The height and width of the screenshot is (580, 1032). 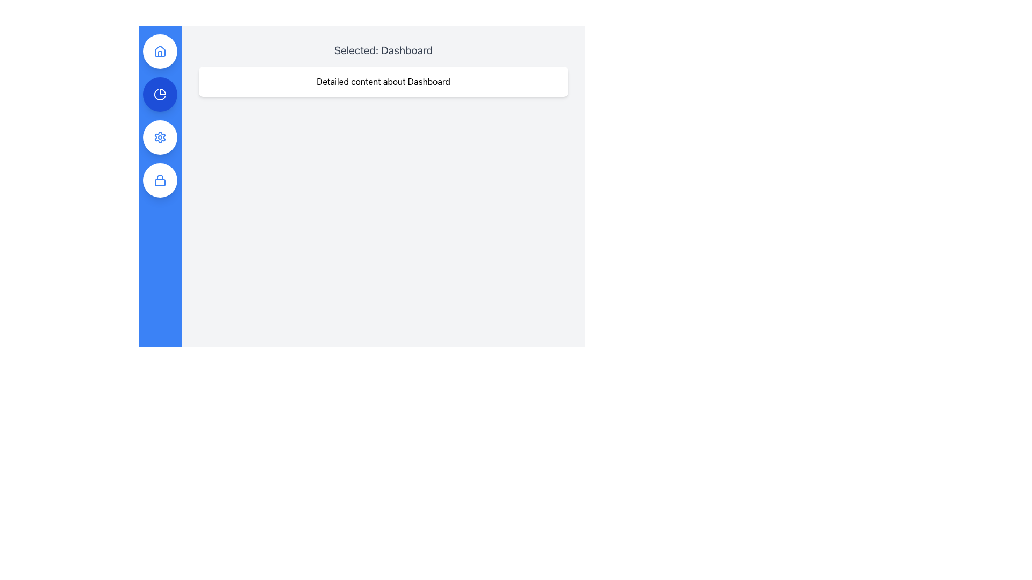 I want to click on the circular icon button with a gear-like symbol, located in the vertical navigation bar, so click(x=159, y=136).